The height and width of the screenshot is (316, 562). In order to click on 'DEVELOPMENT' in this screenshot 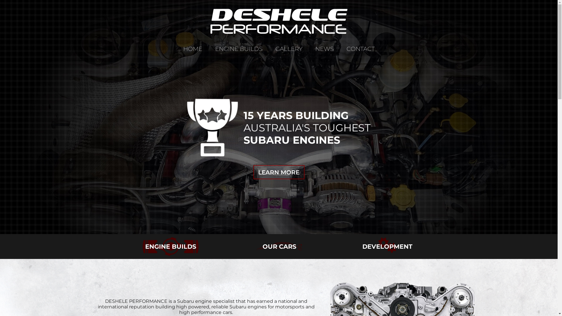, I will do `click(387, 247)`.